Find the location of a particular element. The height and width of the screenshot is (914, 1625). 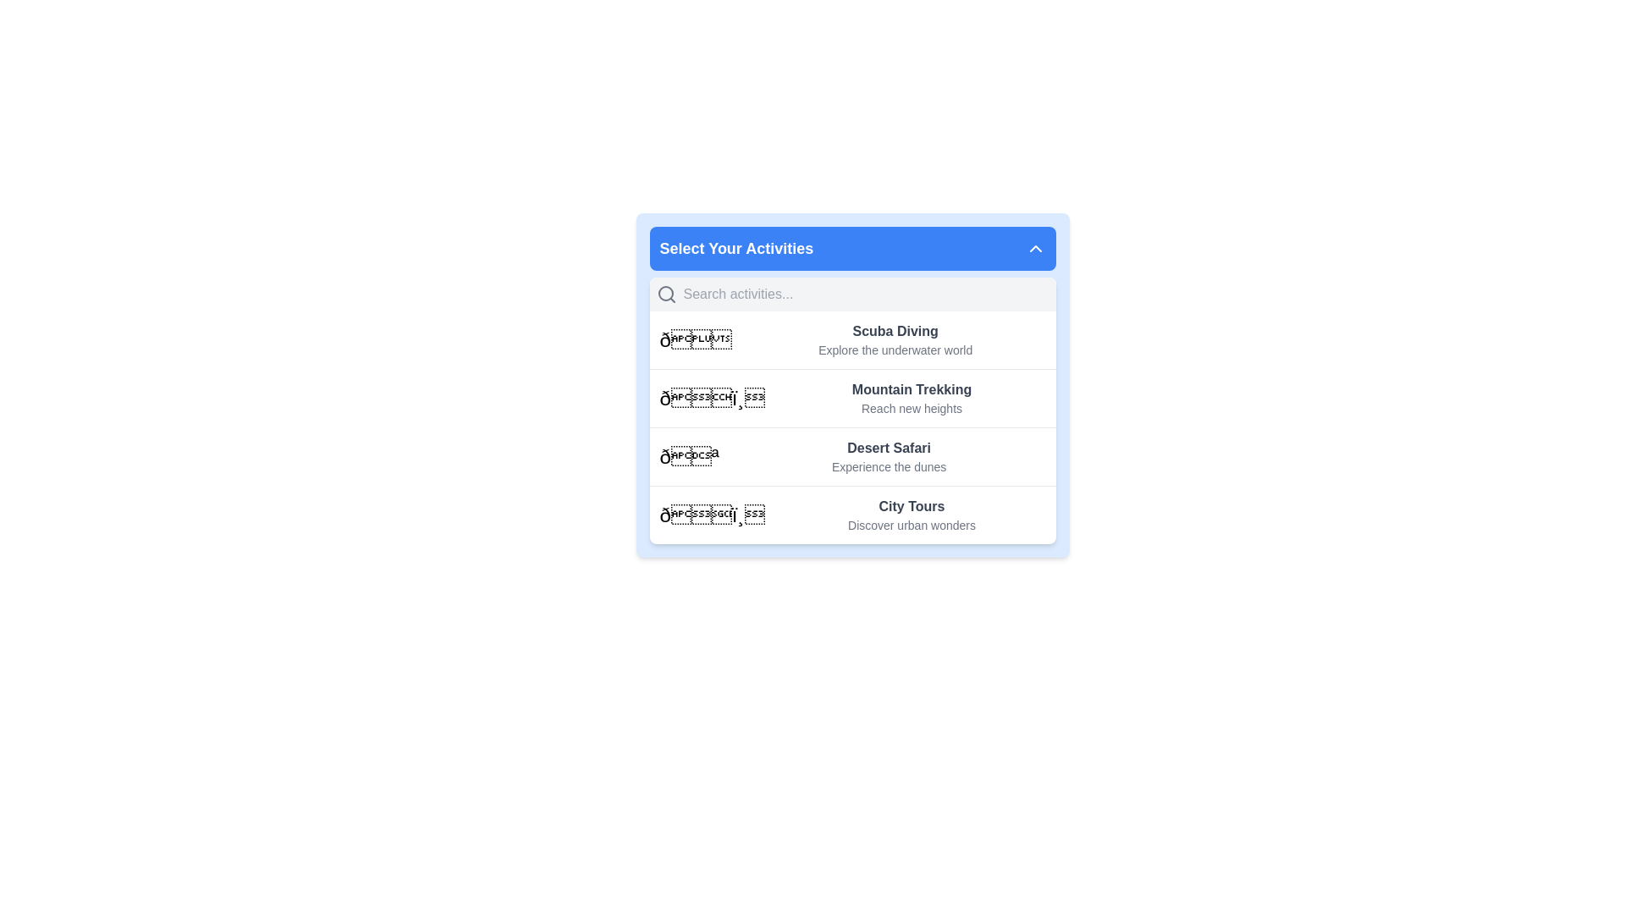

the search icon that visually represents the search functionality, located to the left of the search input field is located at coordinates (665, 293).